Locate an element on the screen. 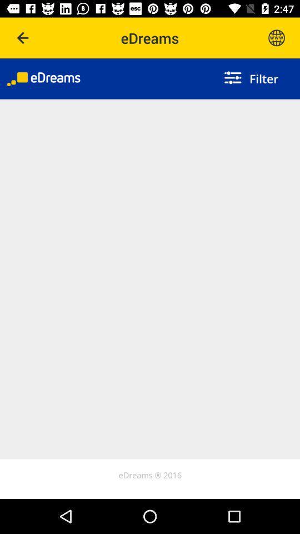  previous button is located at coordinates (23, 38).